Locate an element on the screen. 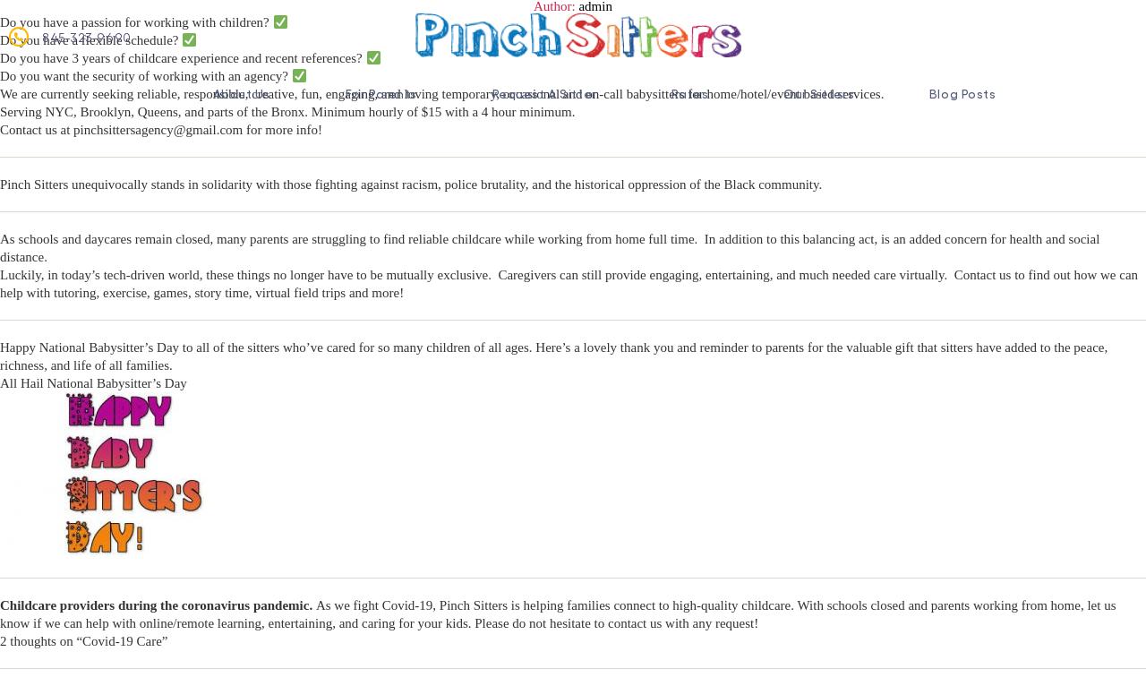 The width and height of the screenshot is (1146, 686). 'As schools and daycares remain closed, many parents are struggling to find reliable childcare while working from home full time.  In addition to this balancing act, is an added concern for health and social distance.' is located at coordinates (549, 247).